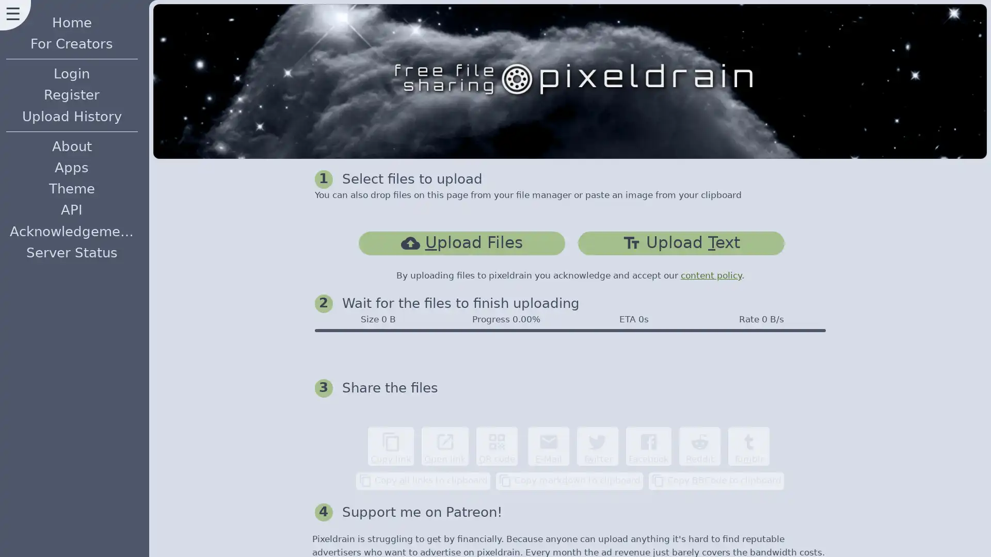 This screenshot has height=557, width=991. Describe the element at coordinates (569, 481) in the screenshot. I see `content_copy Copy markdown to clipboard` at that location.